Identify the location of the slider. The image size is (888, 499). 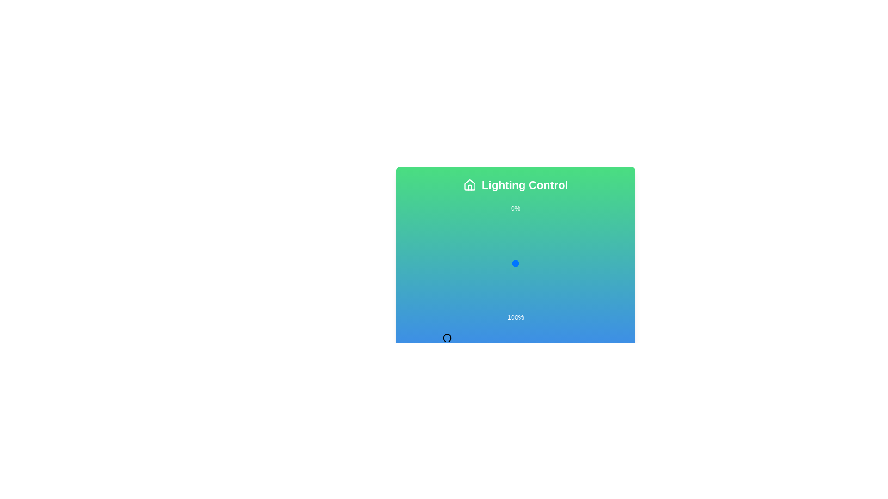
(515, 264).